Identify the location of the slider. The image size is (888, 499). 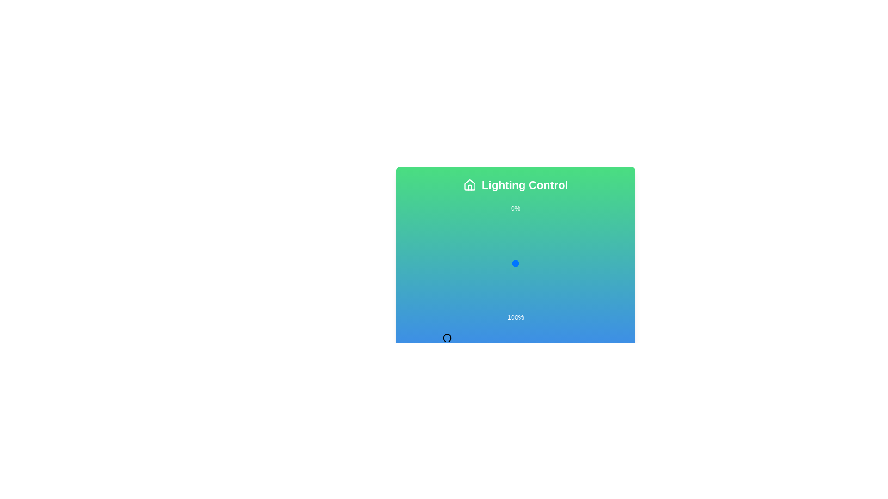
(515, 264).